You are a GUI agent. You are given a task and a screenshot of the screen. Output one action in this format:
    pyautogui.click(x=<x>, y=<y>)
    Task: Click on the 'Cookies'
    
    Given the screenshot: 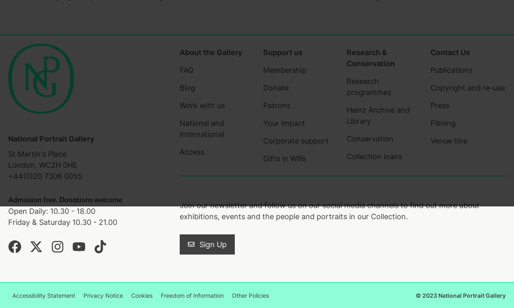 What is the action you would take?
    pyautogui.click(x=141, y=294)
    